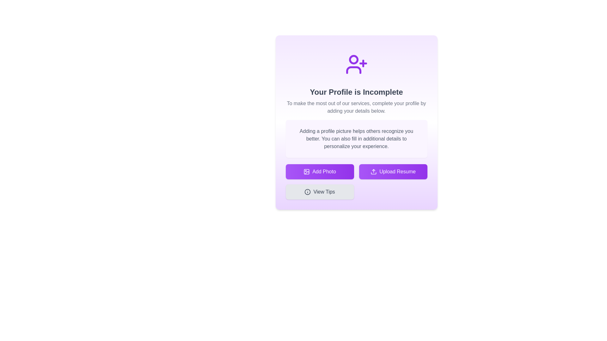 This screenshot has height=341, width=607. Describe the element at coordinates (356, 64) in the screenshot. I see `the user profile icon with a plus sign, which is vividly purple and located above the text 'Your Profile is Incomplete'` at that location.